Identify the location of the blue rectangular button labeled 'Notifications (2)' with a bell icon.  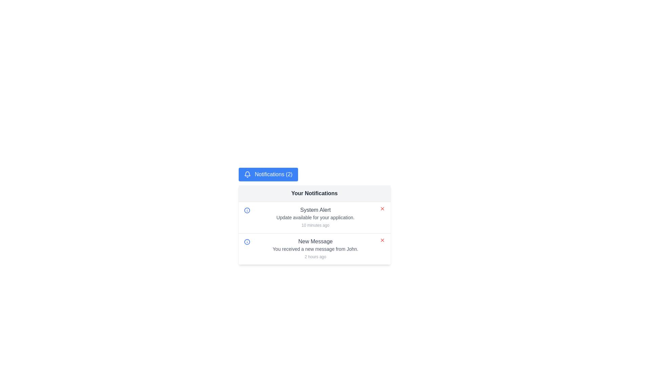
(268, 174).